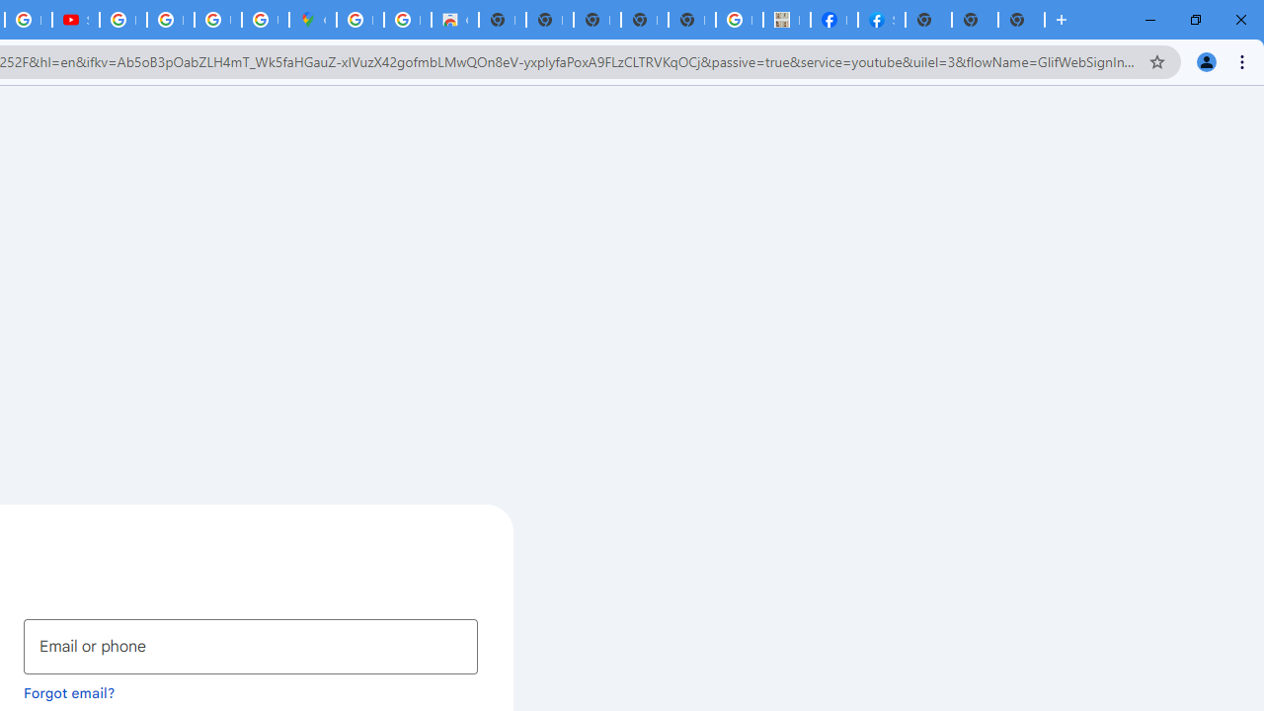  I want to click on 'Google Maps', so click(311, 20).